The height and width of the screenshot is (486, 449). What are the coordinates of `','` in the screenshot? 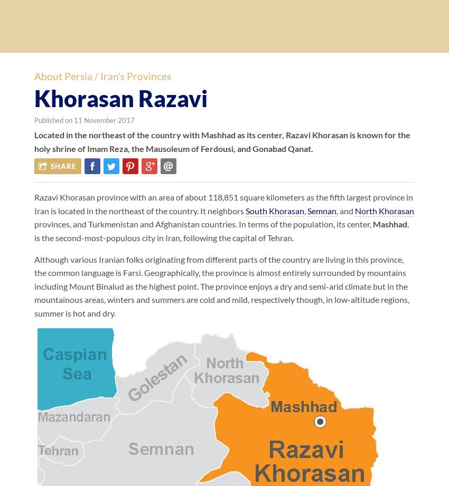 It's located at (306, 210).